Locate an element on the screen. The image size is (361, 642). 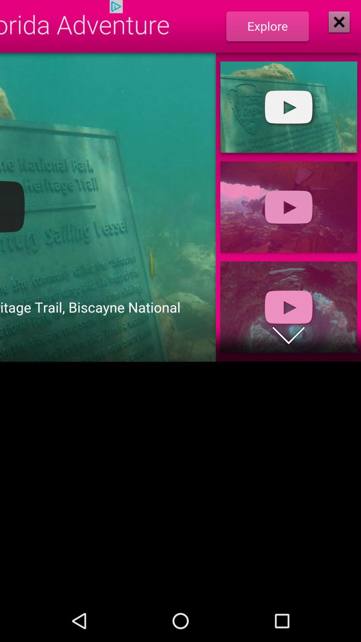
the close icon is located at coordinates (339, 23).